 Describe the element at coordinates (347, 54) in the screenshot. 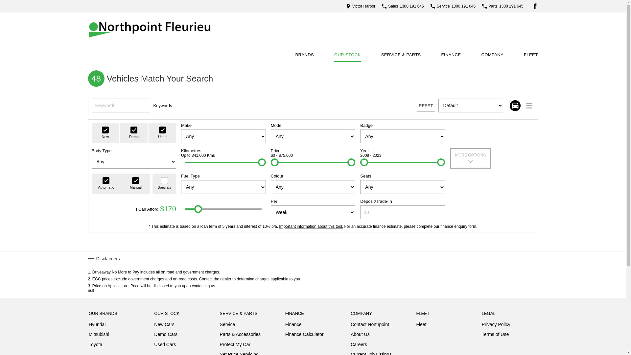

I see `'OUR STOCK'` at that location.